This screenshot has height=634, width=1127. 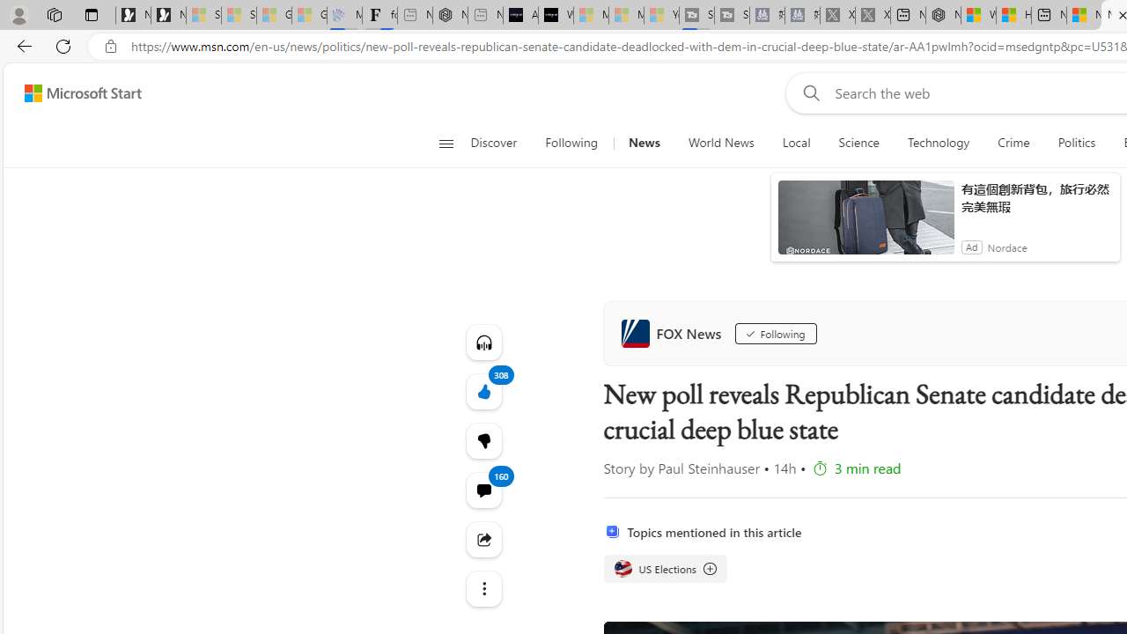 What do you see at coordinates (795, 143) in the screenshot?
I see `'Local'` at bounding box center [795, 143].